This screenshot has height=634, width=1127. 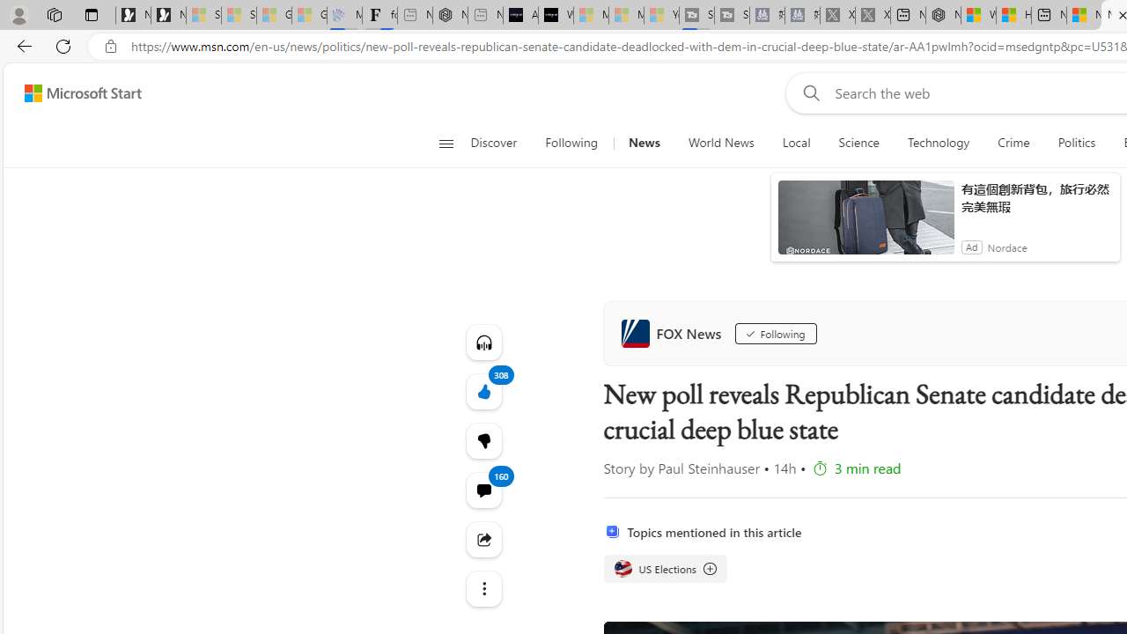 What do you see at coordinates (795, 143) in the screenshot?
I see `'Local'` at bounding box center [795, 143].